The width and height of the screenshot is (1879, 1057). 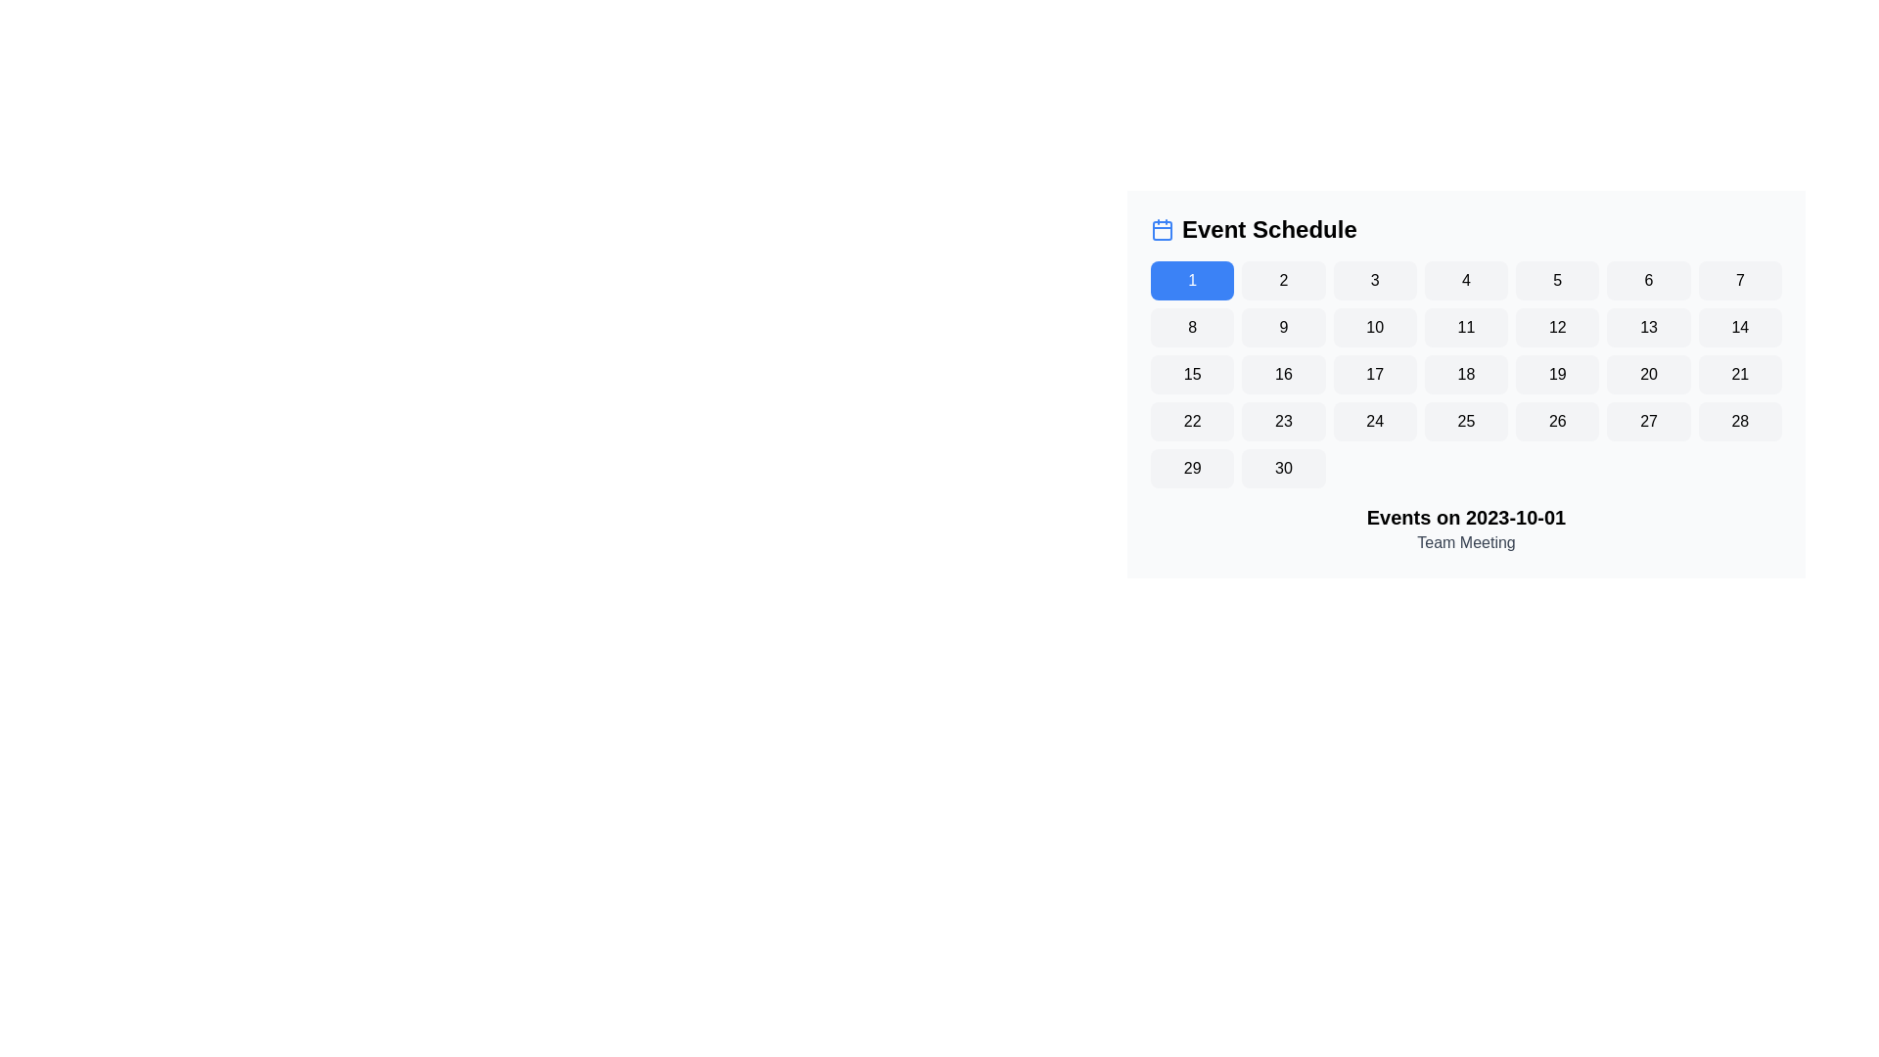 I want to click on the rounded rectangular button with a light gray background and black text displaying '2', so click(x=1283, y=280).